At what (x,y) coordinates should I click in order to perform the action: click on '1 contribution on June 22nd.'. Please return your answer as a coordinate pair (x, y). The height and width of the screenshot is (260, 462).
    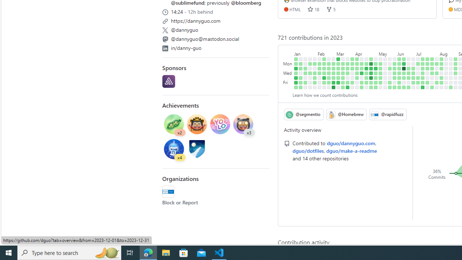
    Looking at the image, I should click on (409, 78).